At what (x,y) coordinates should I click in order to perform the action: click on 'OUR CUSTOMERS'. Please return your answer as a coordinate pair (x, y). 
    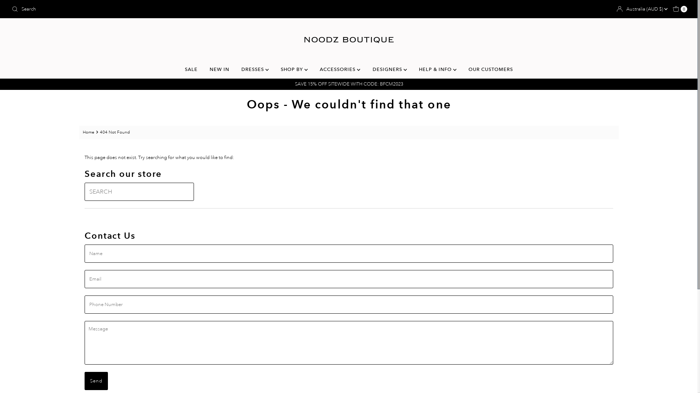
    Looking at the image, I should click on (490, 70).